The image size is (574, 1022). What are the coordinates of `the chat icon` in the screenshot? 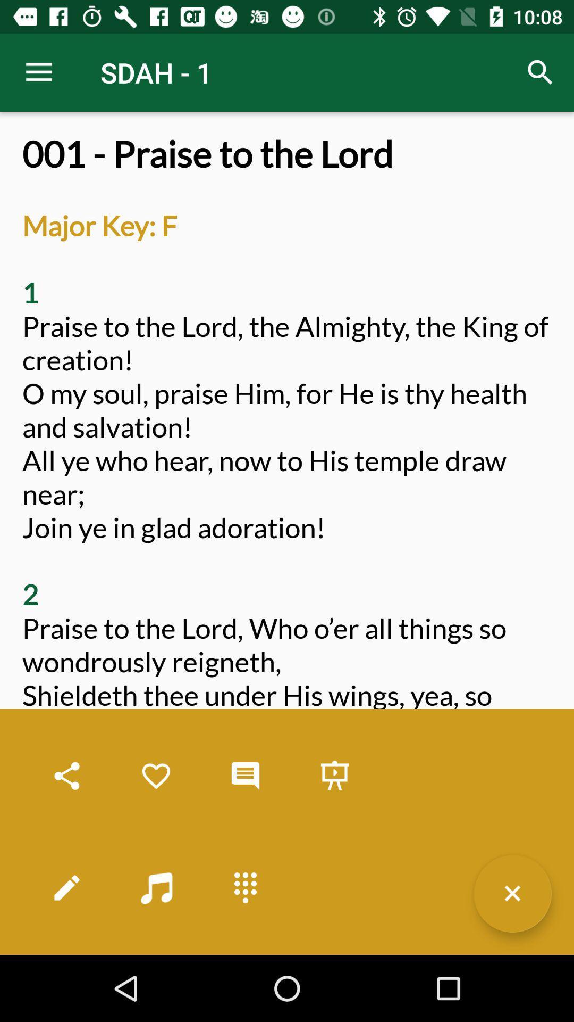 It's located at (246, 776).